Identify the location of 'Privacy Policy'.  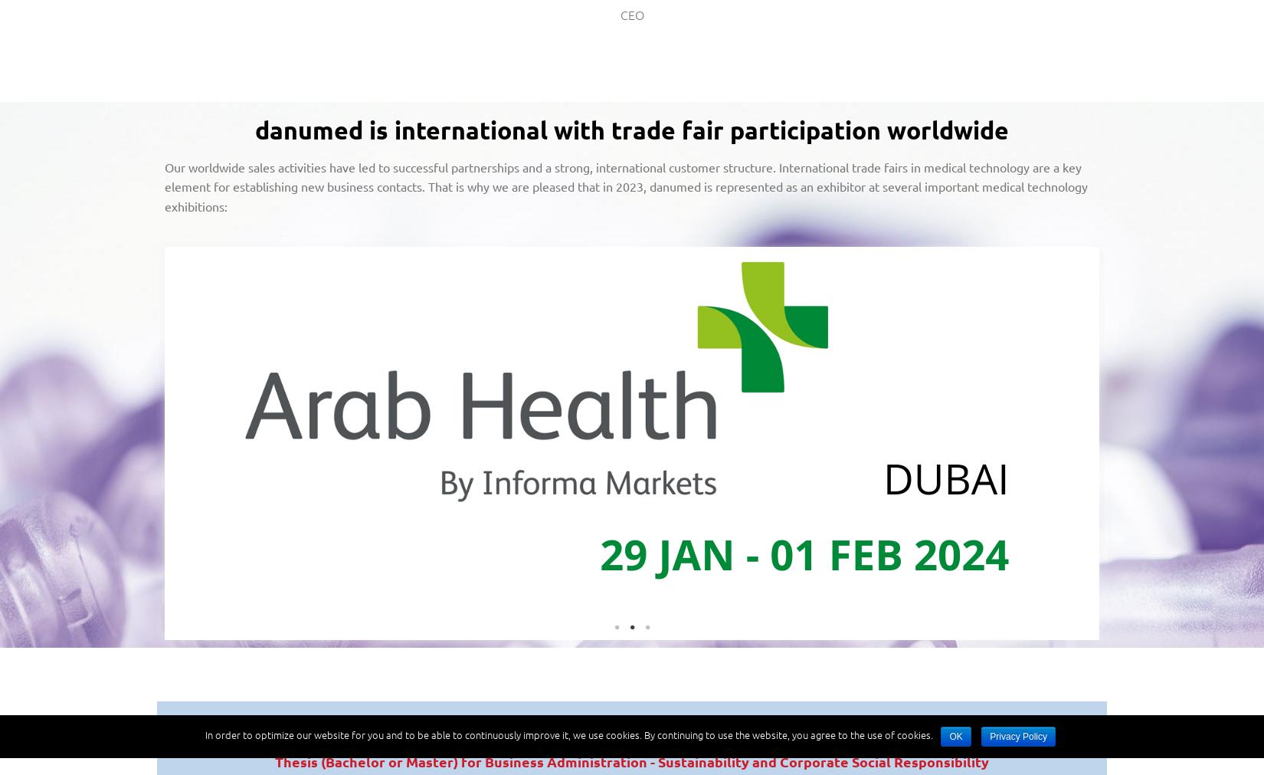
(988, 736).